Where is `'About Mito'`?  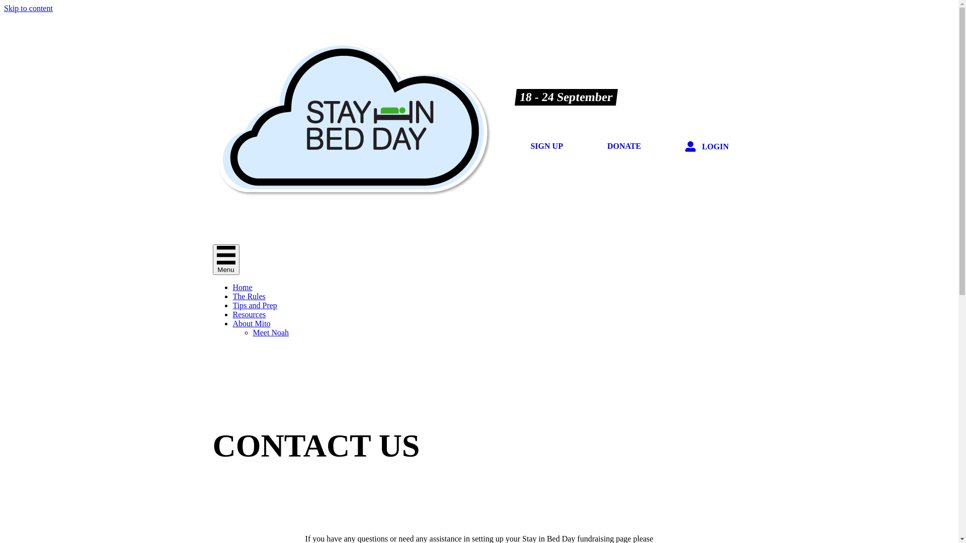
'About Mito' is located at coordinates (231, 323).